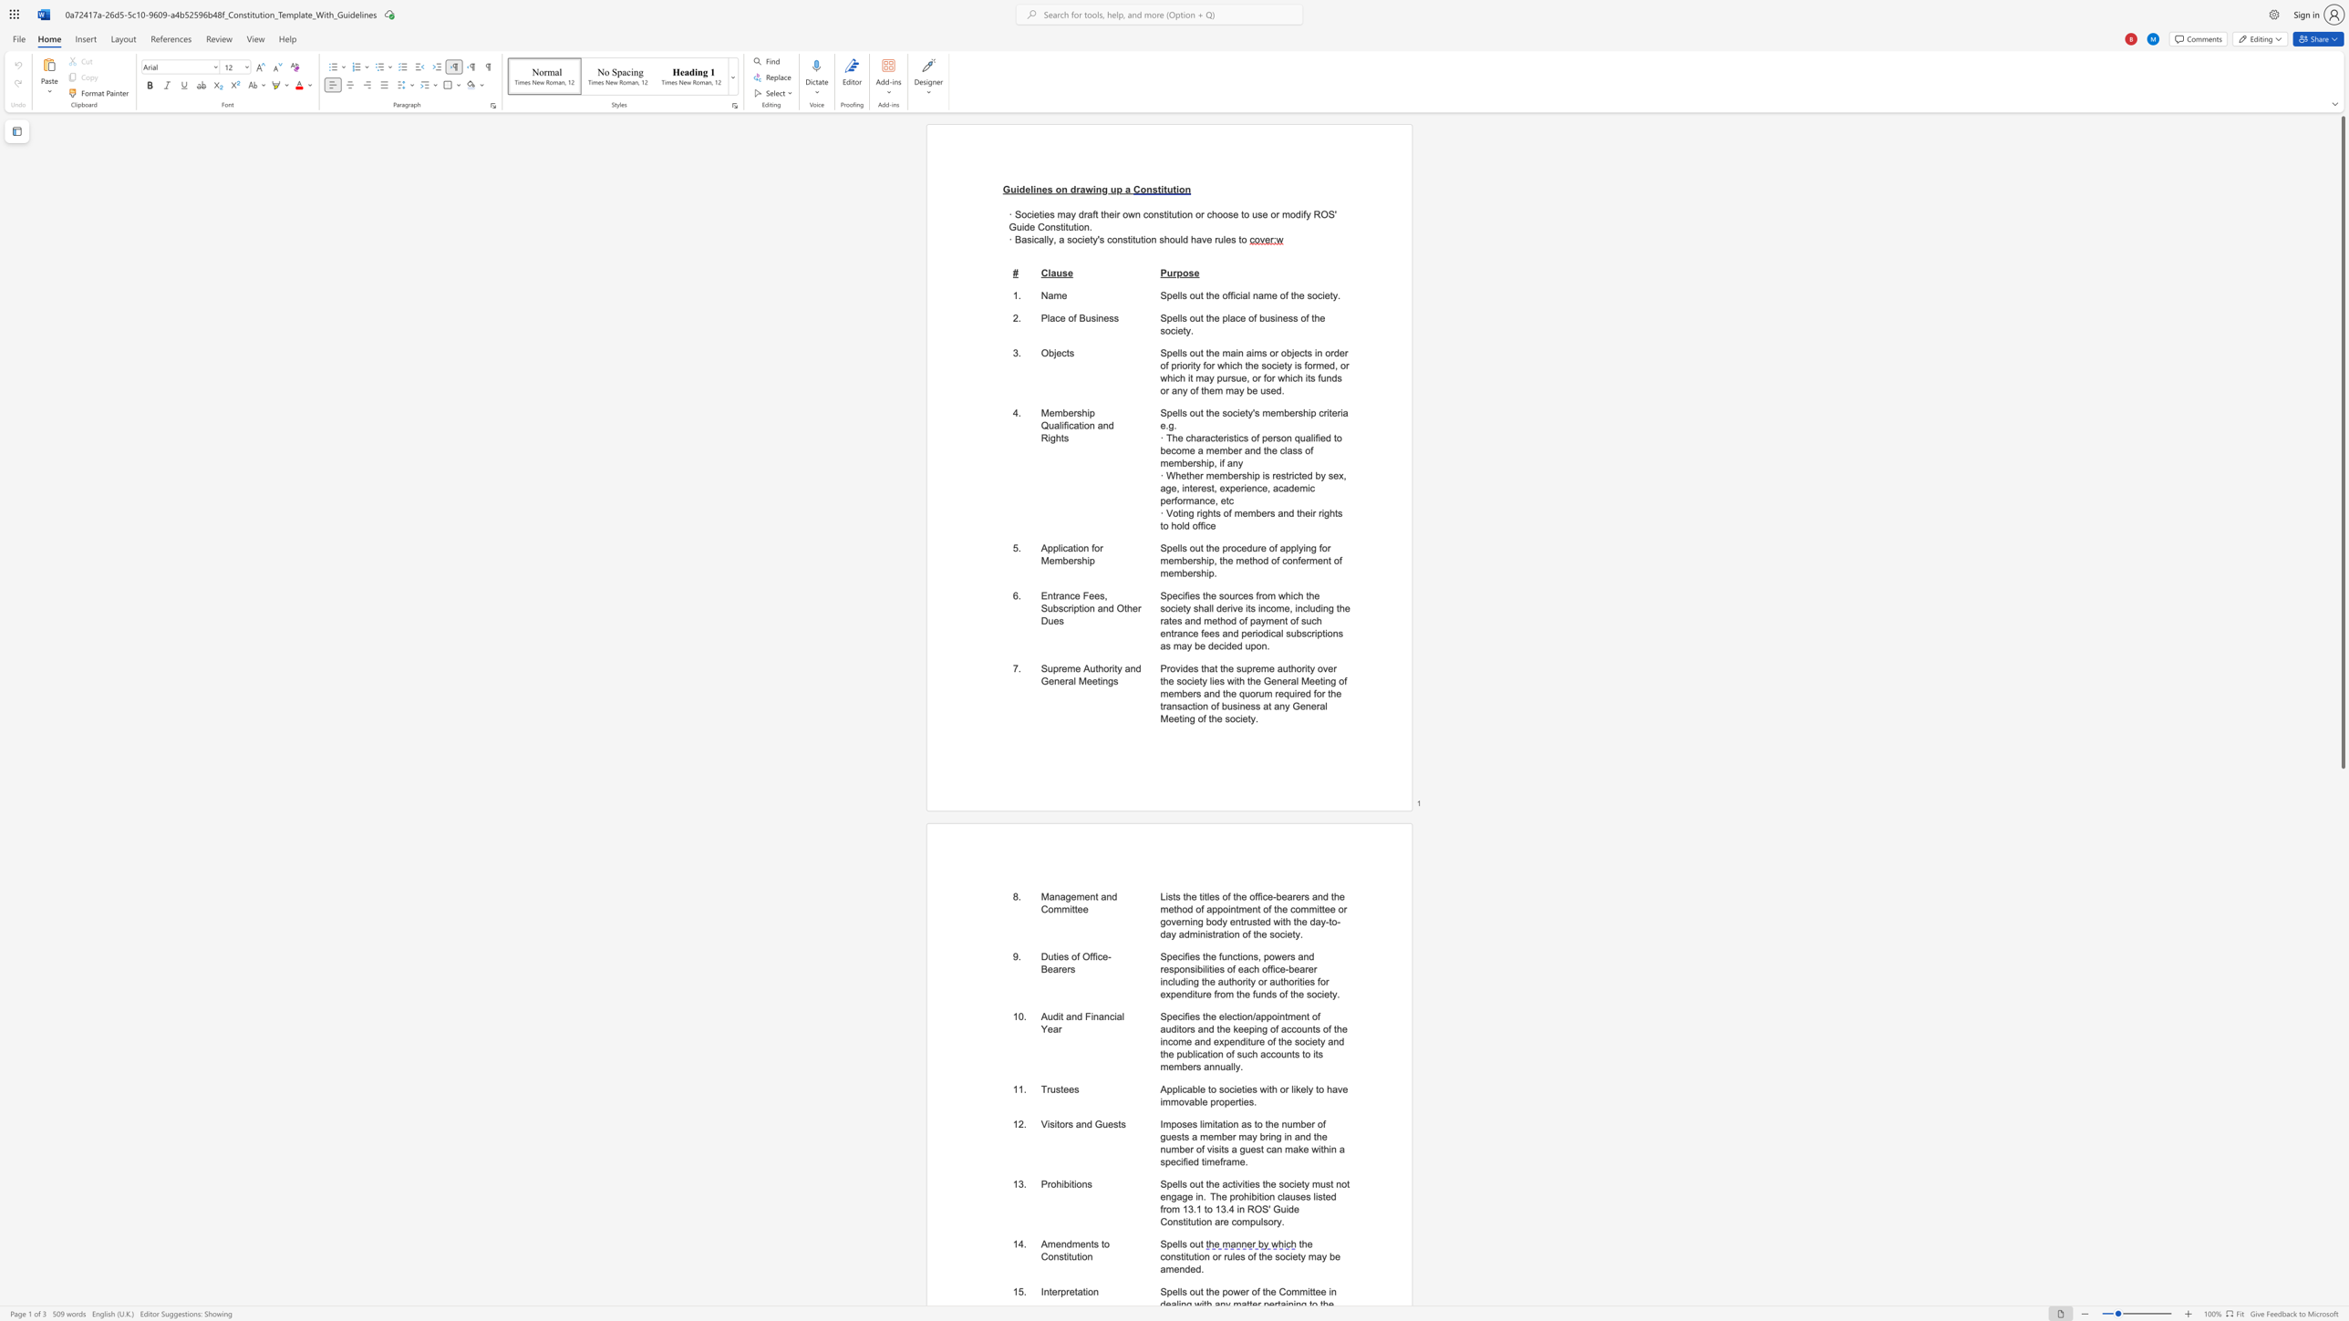  I want to click on the 1th character "f" in the text, so click(1073, 318).